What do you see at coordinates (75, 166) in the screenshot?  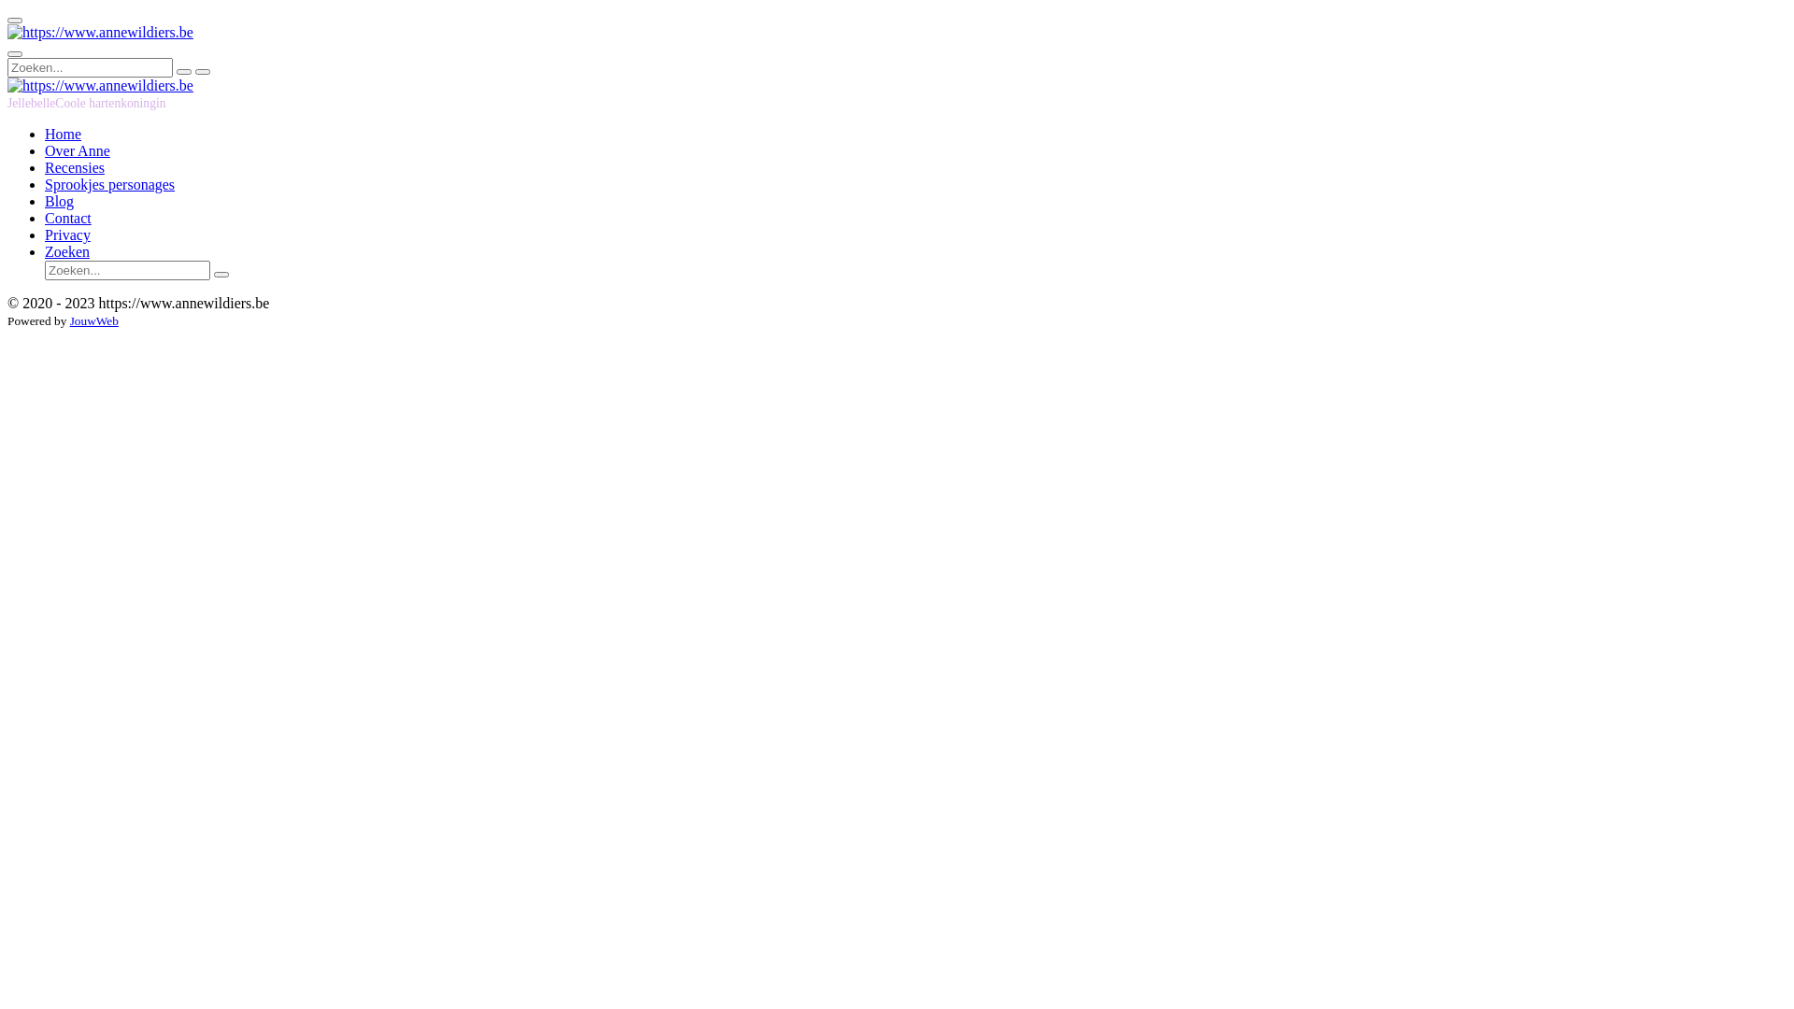 I see `'Recensies'` at bounding box center [75, 166].